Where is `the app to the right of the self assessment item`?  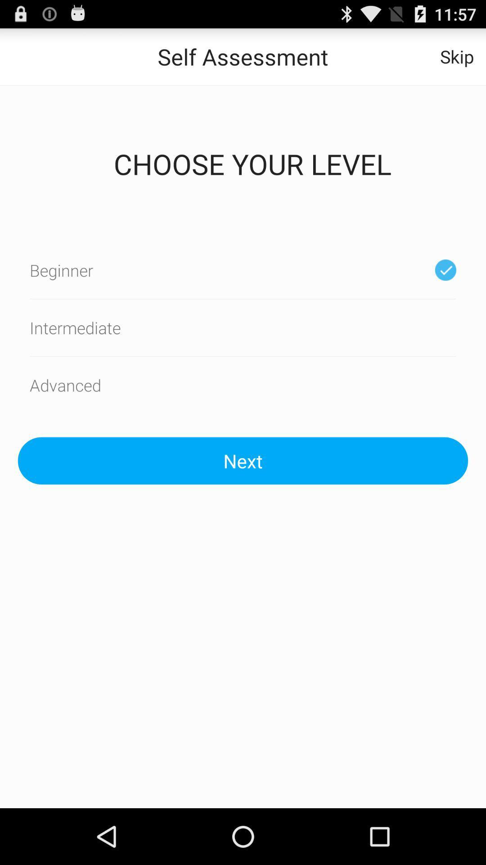
the app to the right of the self assessment item is located at coordinates (457, 56).